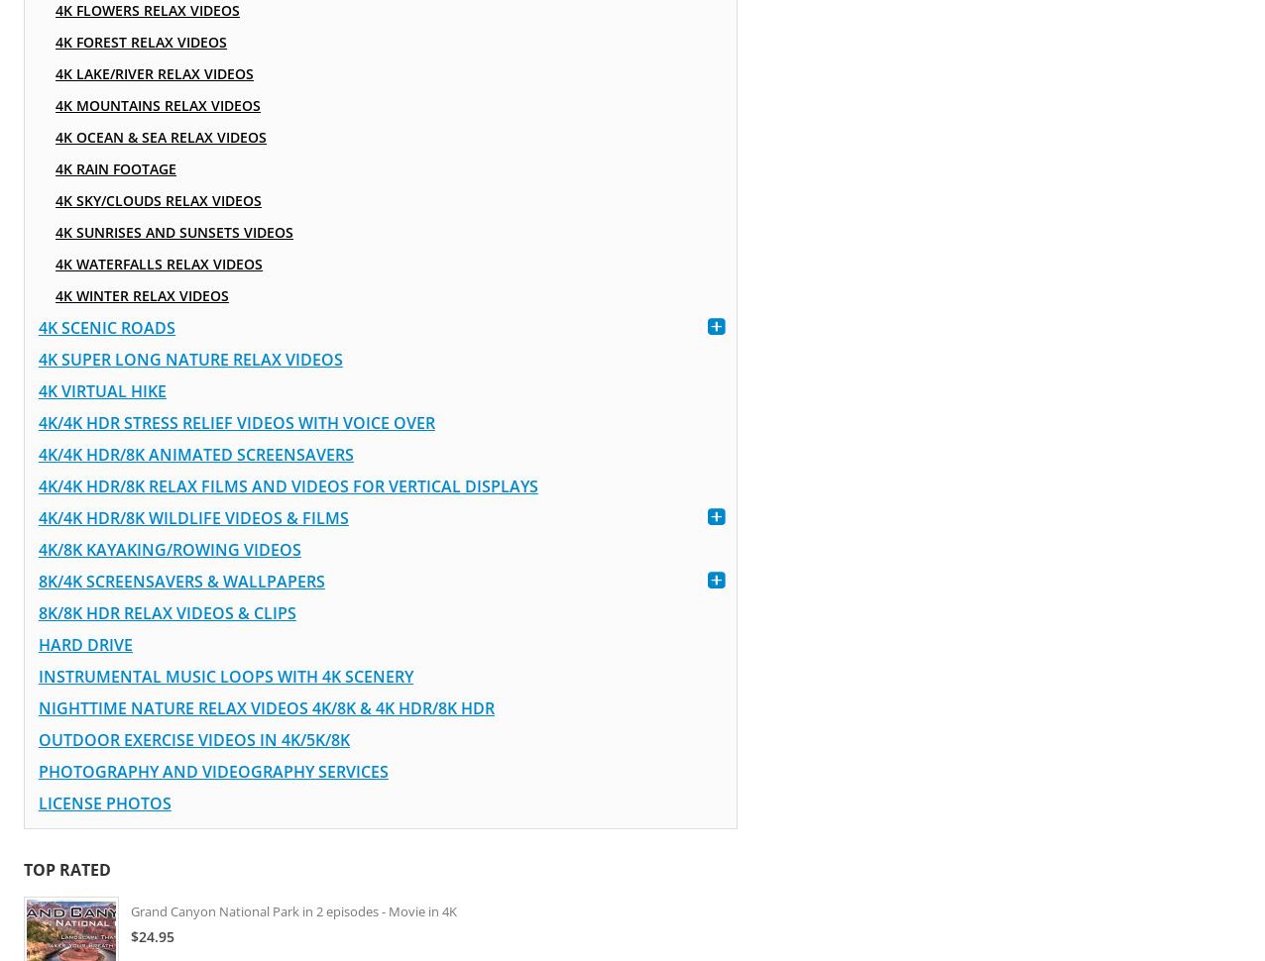  I want to click on '4K/4K HDR/8K Wildlife Videos & Films', so click(191, 518).